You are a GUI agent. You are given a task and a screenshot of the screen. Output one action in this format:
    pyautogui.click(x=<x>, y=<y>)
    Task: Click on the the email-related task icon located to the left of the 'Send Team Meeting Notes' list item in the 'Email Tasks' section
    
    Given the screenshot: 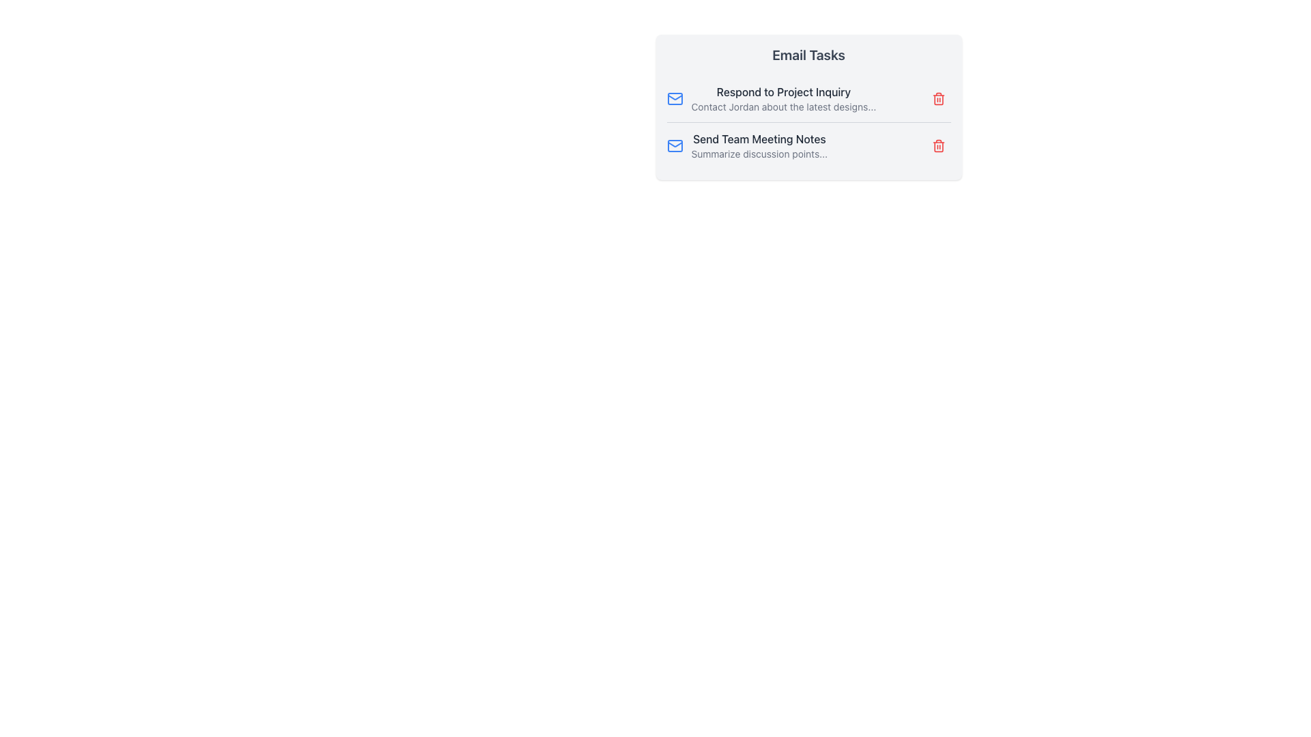 What is the action you would take?
    pyautogui.click(x=675, y=145)
    